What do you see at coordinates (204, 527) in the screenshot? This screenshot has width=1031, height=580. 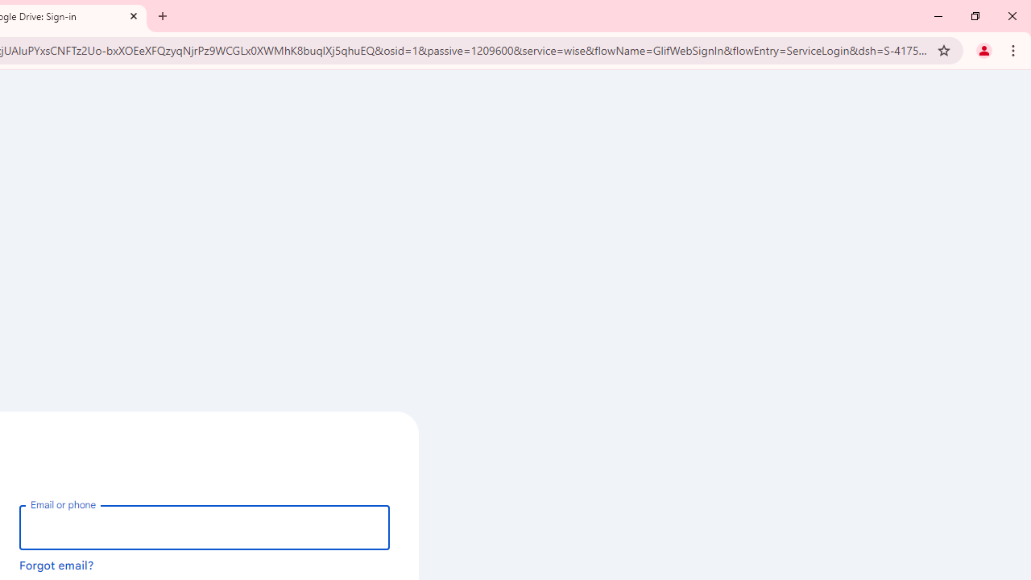 I see `'Email or phone'` at bounding box center [204, 527].